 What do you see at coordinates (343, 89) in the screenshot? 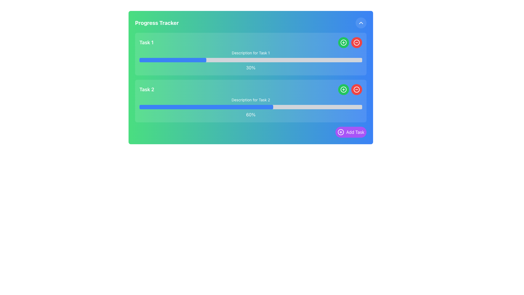
I see `the addition button located to the right of the progress bar for 'Task 2'` at bounding box center [343, 89].